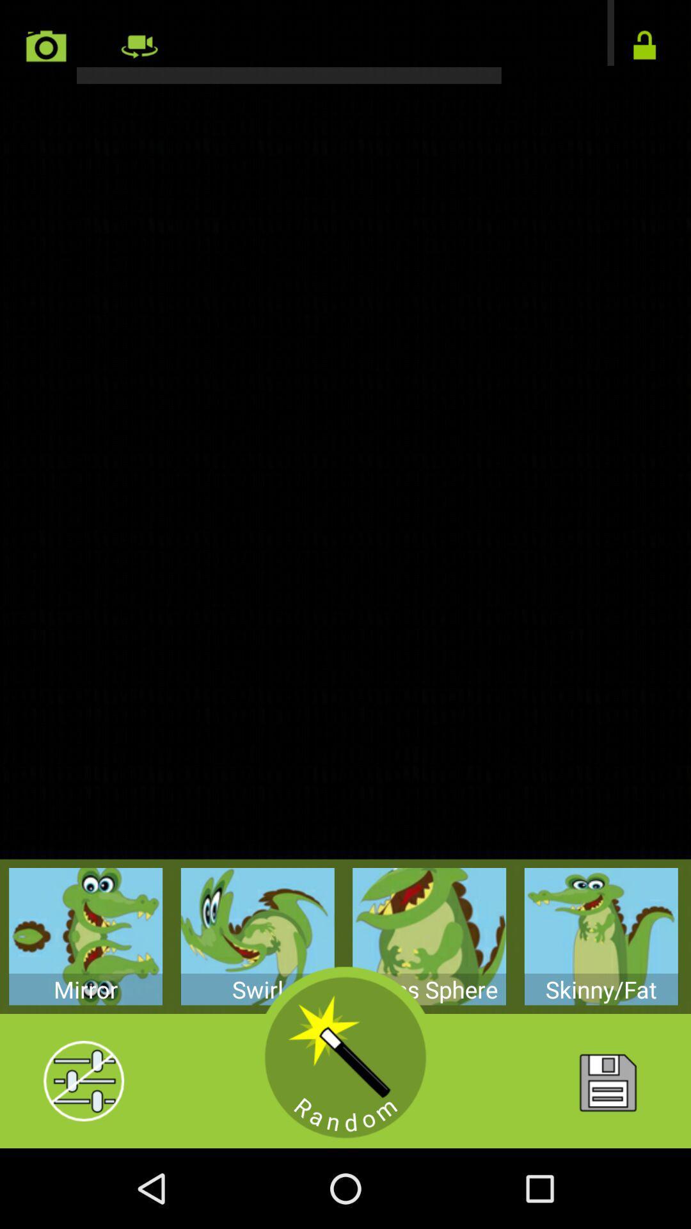 This screenshot has width=691, height=1229. I want to click on camera, so click(45, 46).